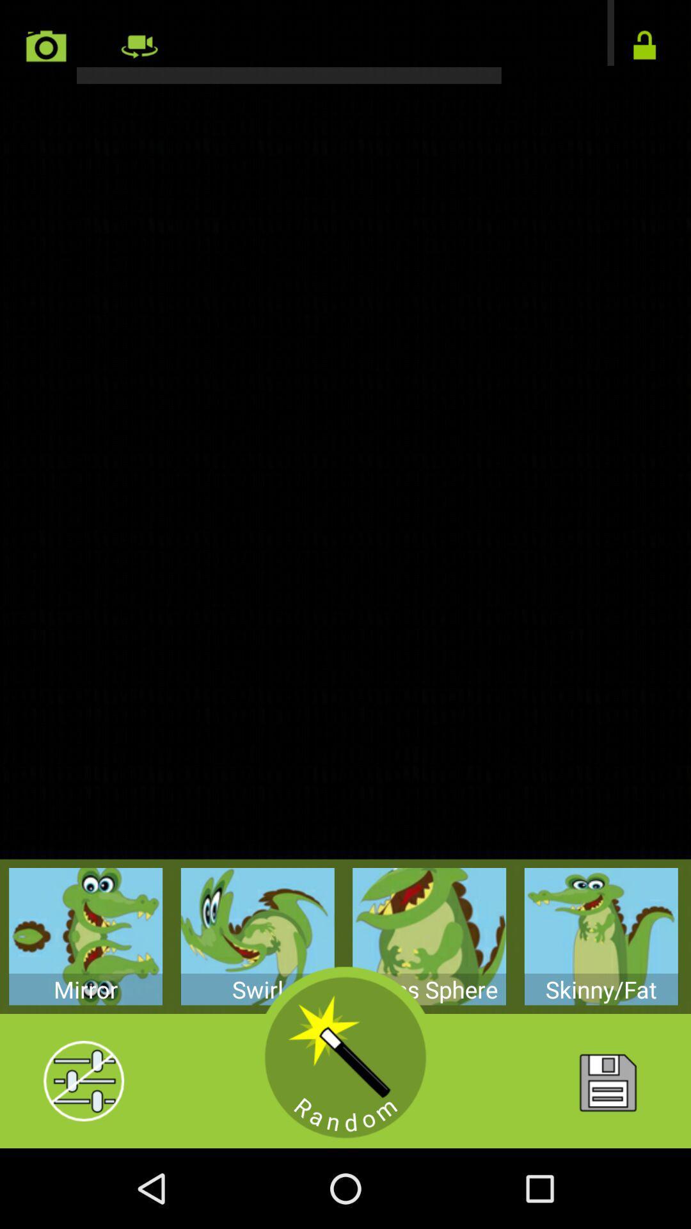 This screenshot has width=691, height=1229. I want to click on camera, so click(45, 46).